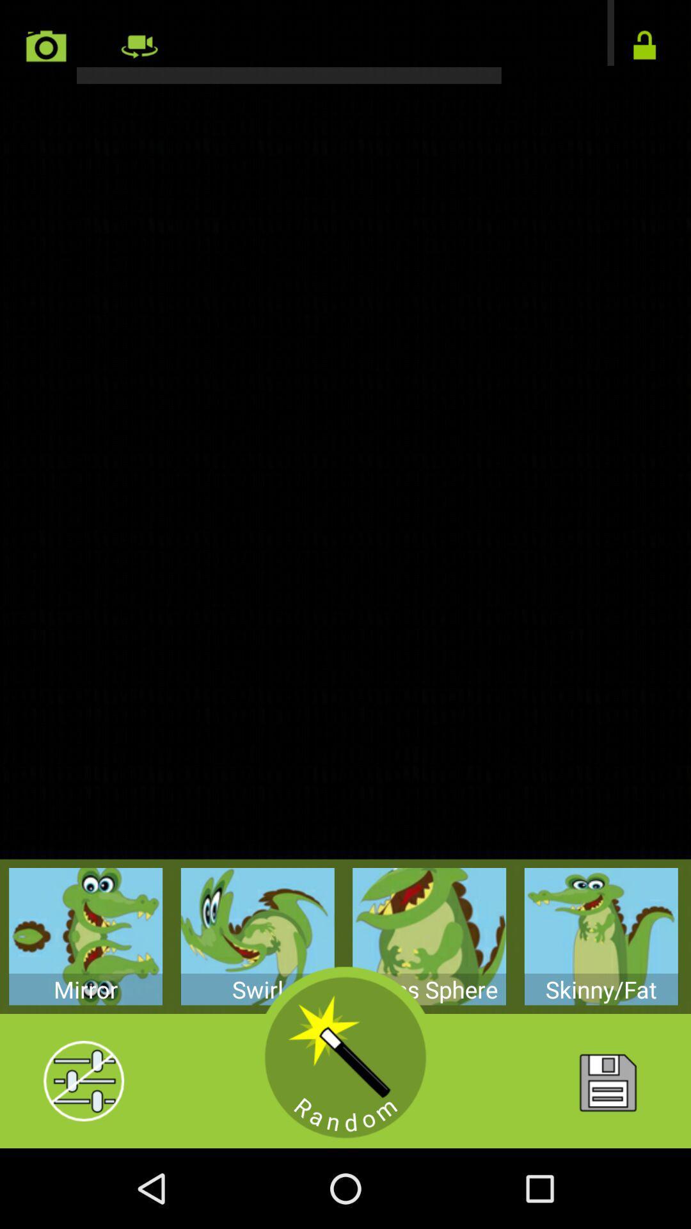 This screenshot has width=691, height=1229. I want to click on camera, so click(45, 46).